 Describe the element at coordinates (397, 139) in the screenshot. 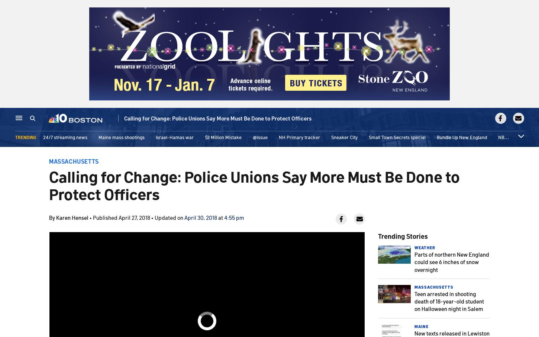

I see `'Small Town Secrets special'` at that location.